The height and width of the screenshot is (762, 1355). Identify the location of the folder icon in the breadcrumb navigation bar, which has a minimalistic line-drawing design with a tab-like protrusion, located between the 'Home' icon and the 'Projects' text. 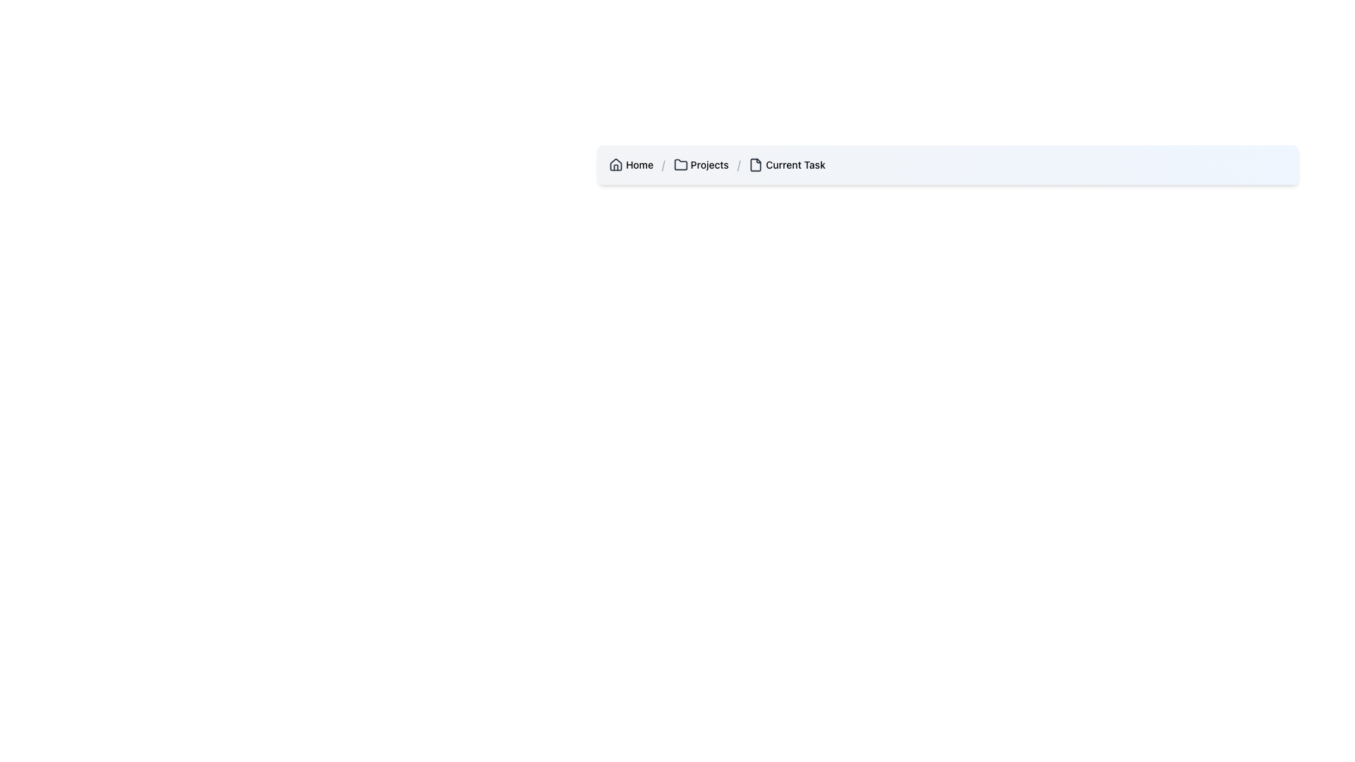
(680, 164).